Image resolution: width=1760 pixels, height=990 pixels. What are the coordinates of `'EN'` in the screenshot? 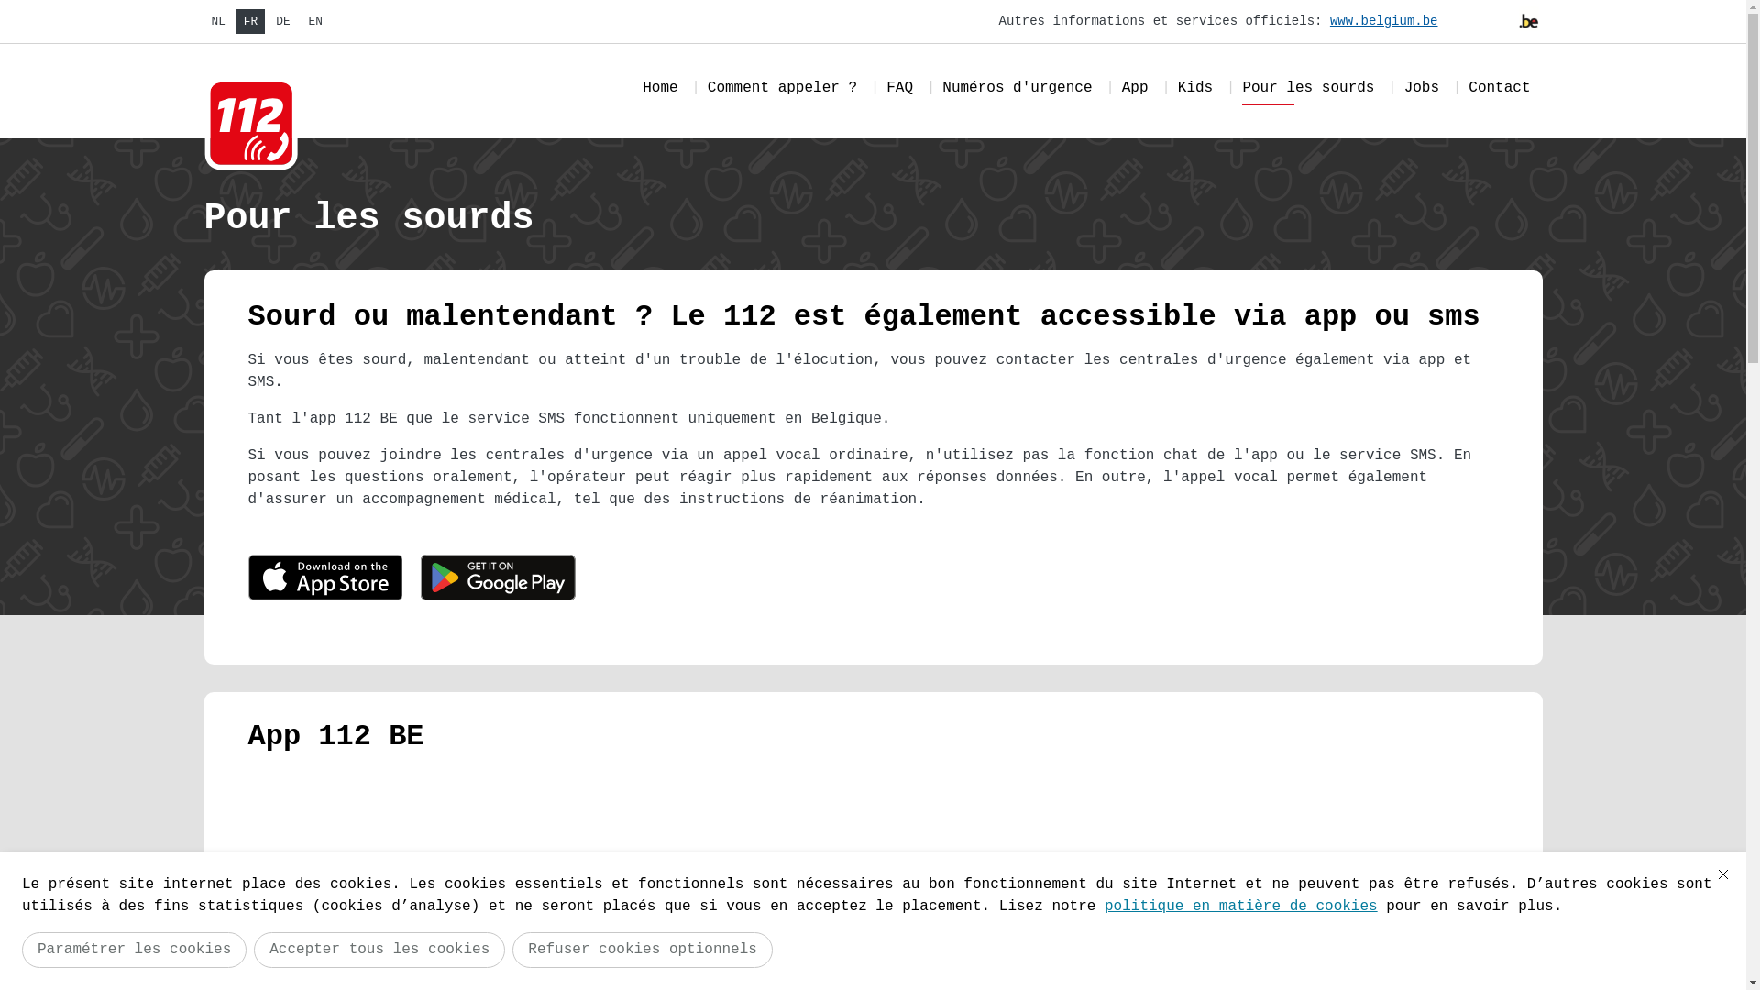 It's located at (315, 21).